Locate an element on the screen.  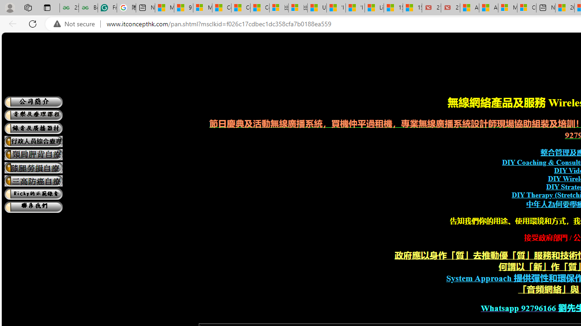
'20 Ways to Boost Your Protein Intake at Every Meal' is located at coordinates (564, 8).